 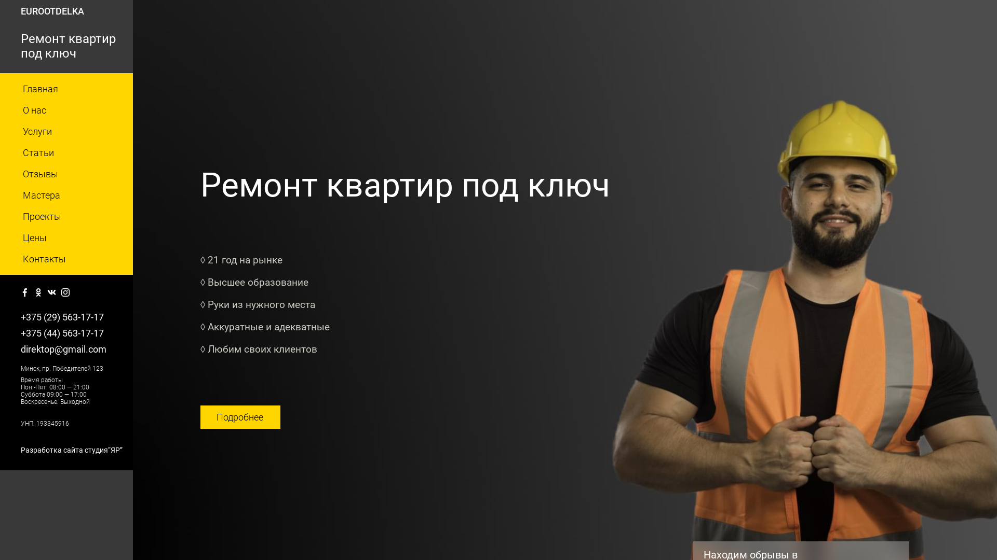 I want to click on '+375 (29) 563-17-17', so click(x=20, y=316).